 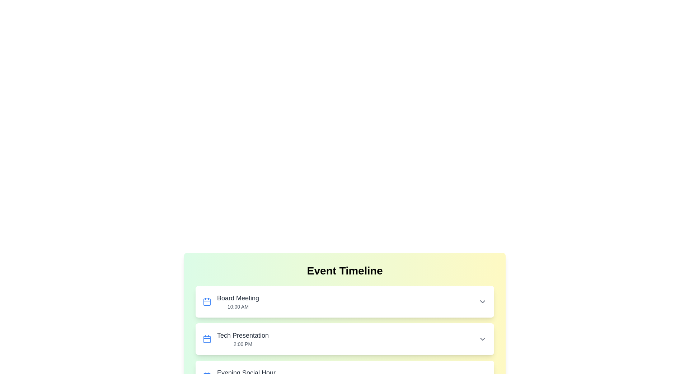 I want to click on the styling of the rounded rectangle element that is part of the calendar icon within the 'Evening Social Hour' event item in the timeline, so click(x=206, y=377).